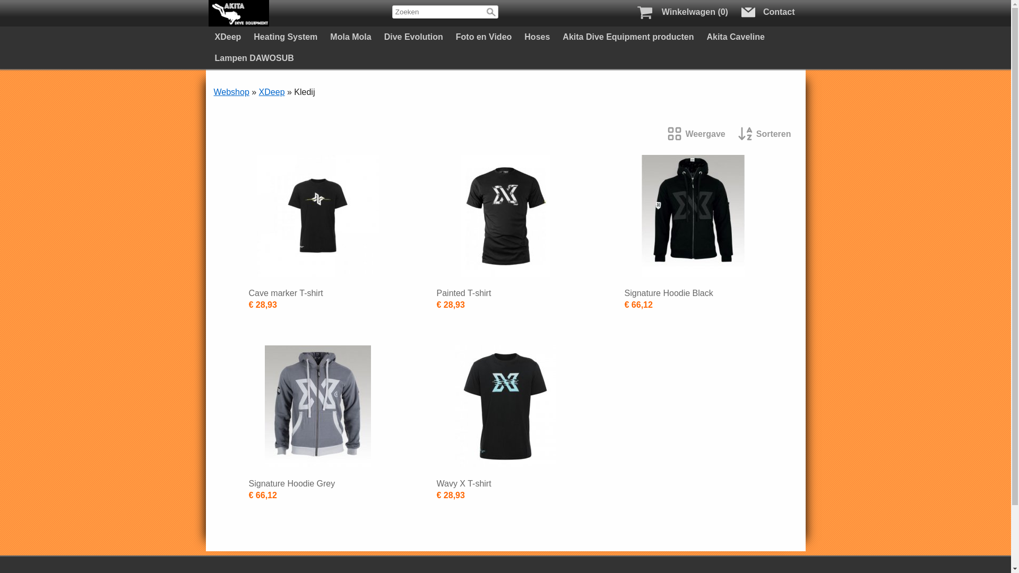  I want to click on 'Lampen DAWOSUB', so click(253, 58).